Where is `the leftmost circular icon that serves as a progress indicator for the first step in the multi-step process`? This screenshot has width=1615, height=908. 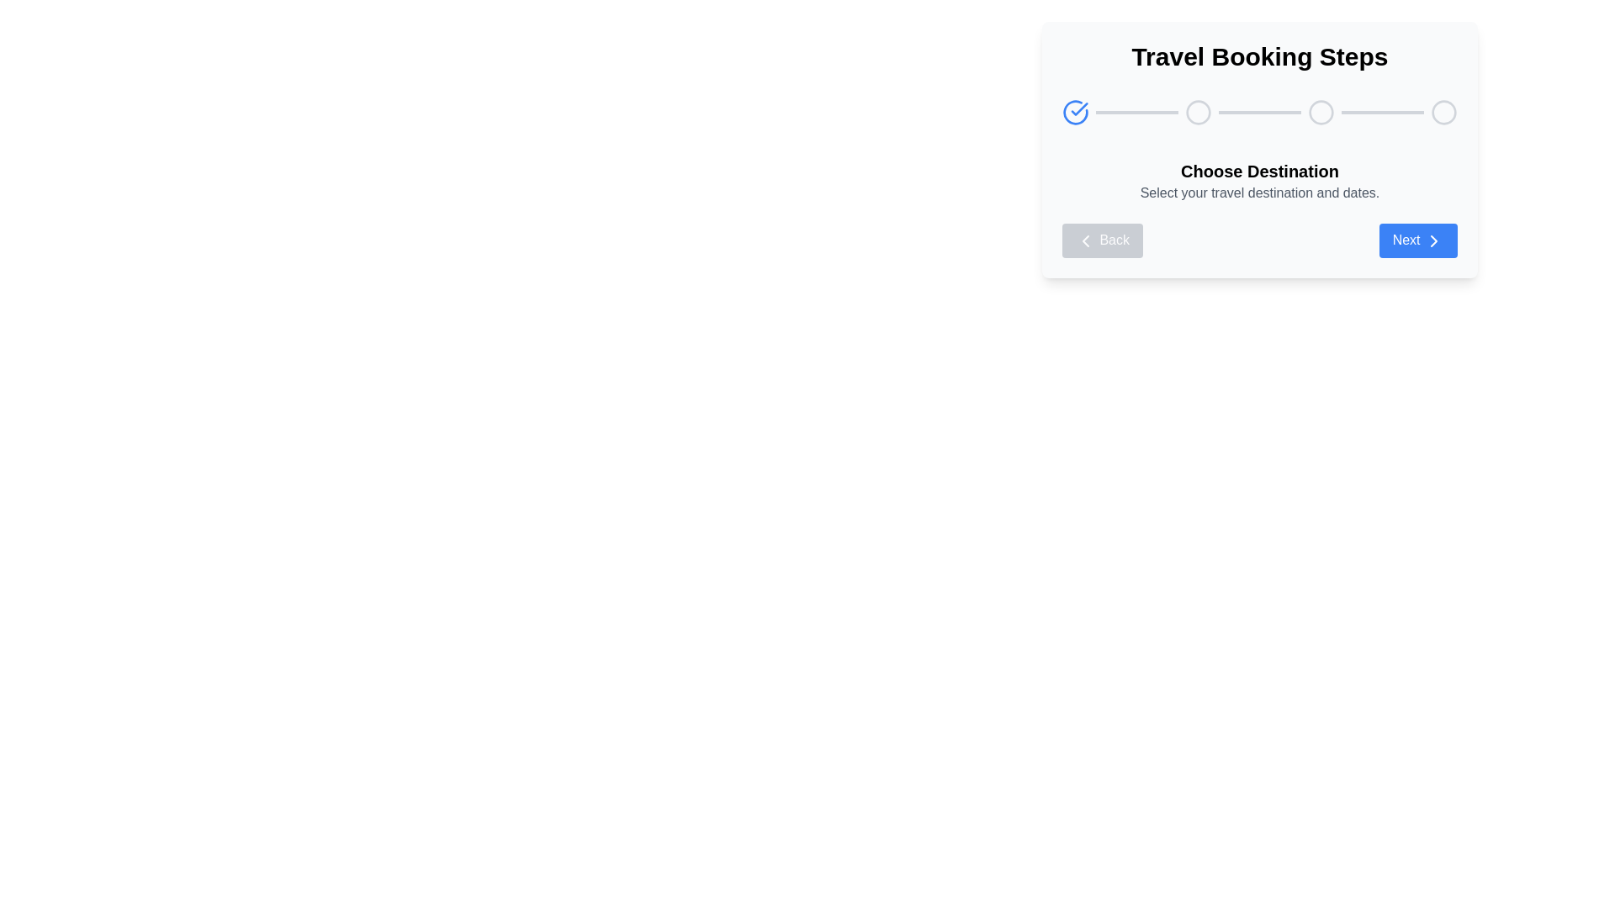 the leftmost circular icon that serves as a progress indicator for the first step in the multi-step process is located at coordinates (1074, 113).